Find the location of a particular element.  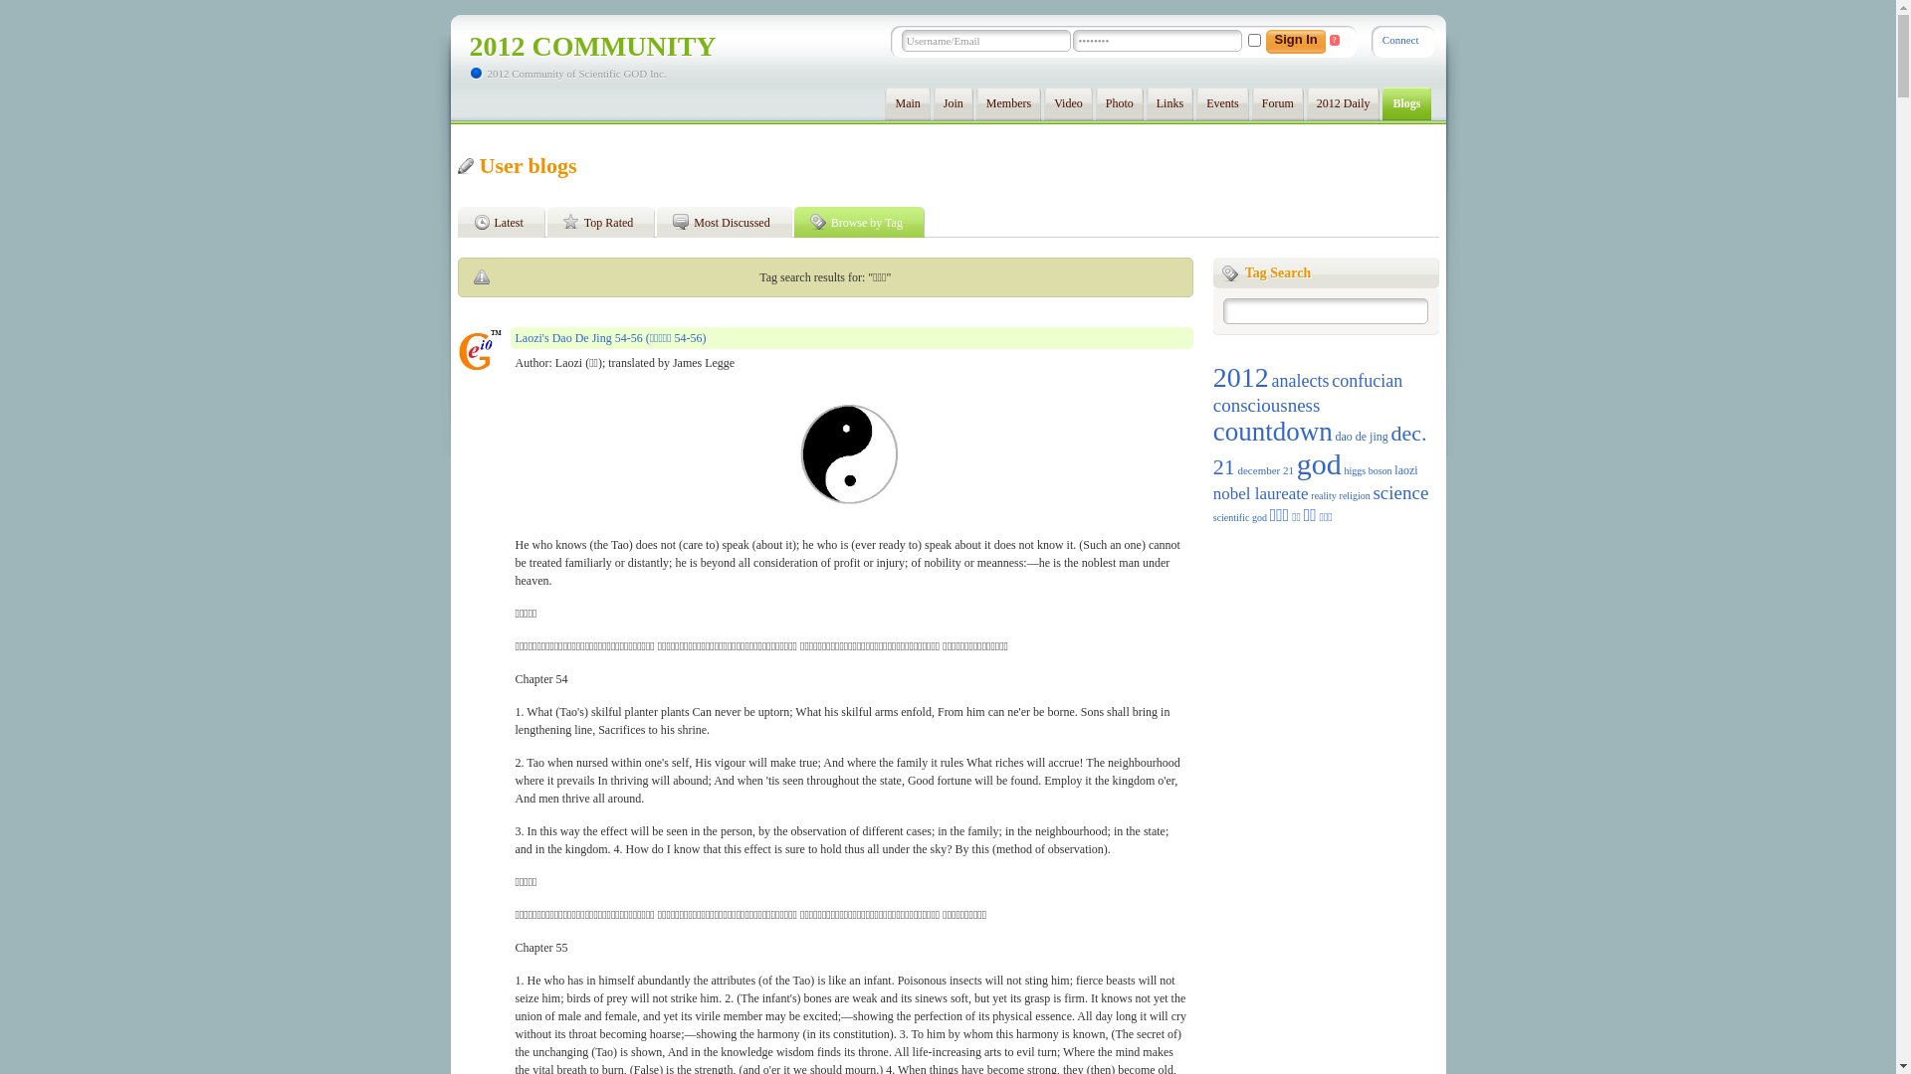

'laozi' is located at coordinates (1404, 470).